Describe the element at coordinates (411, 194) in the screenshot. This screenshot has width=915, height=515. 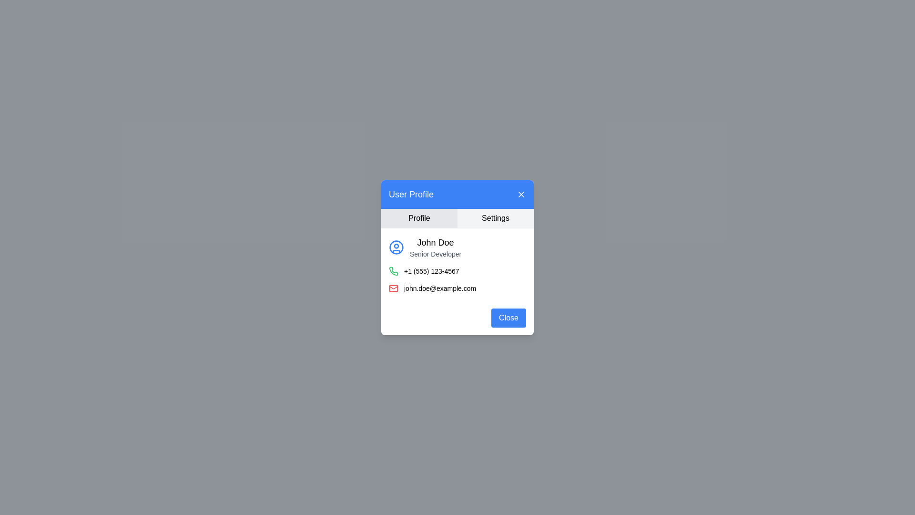
I see `the label or static text that serves as the title for the user profile card, which is left-aligned in the blue header bar` at that location.